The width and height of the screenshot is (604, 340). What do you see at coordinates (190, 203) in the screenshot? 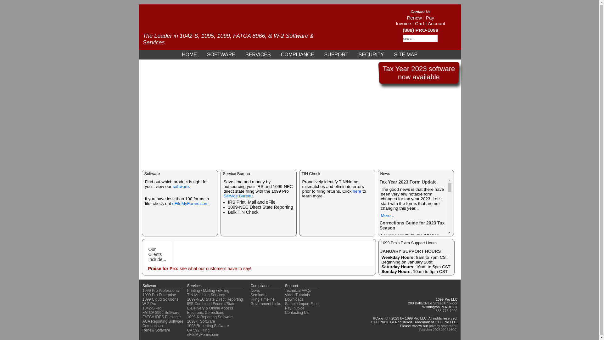
I see `'eFileMyForms.com'` at bounding box center [190, 203].